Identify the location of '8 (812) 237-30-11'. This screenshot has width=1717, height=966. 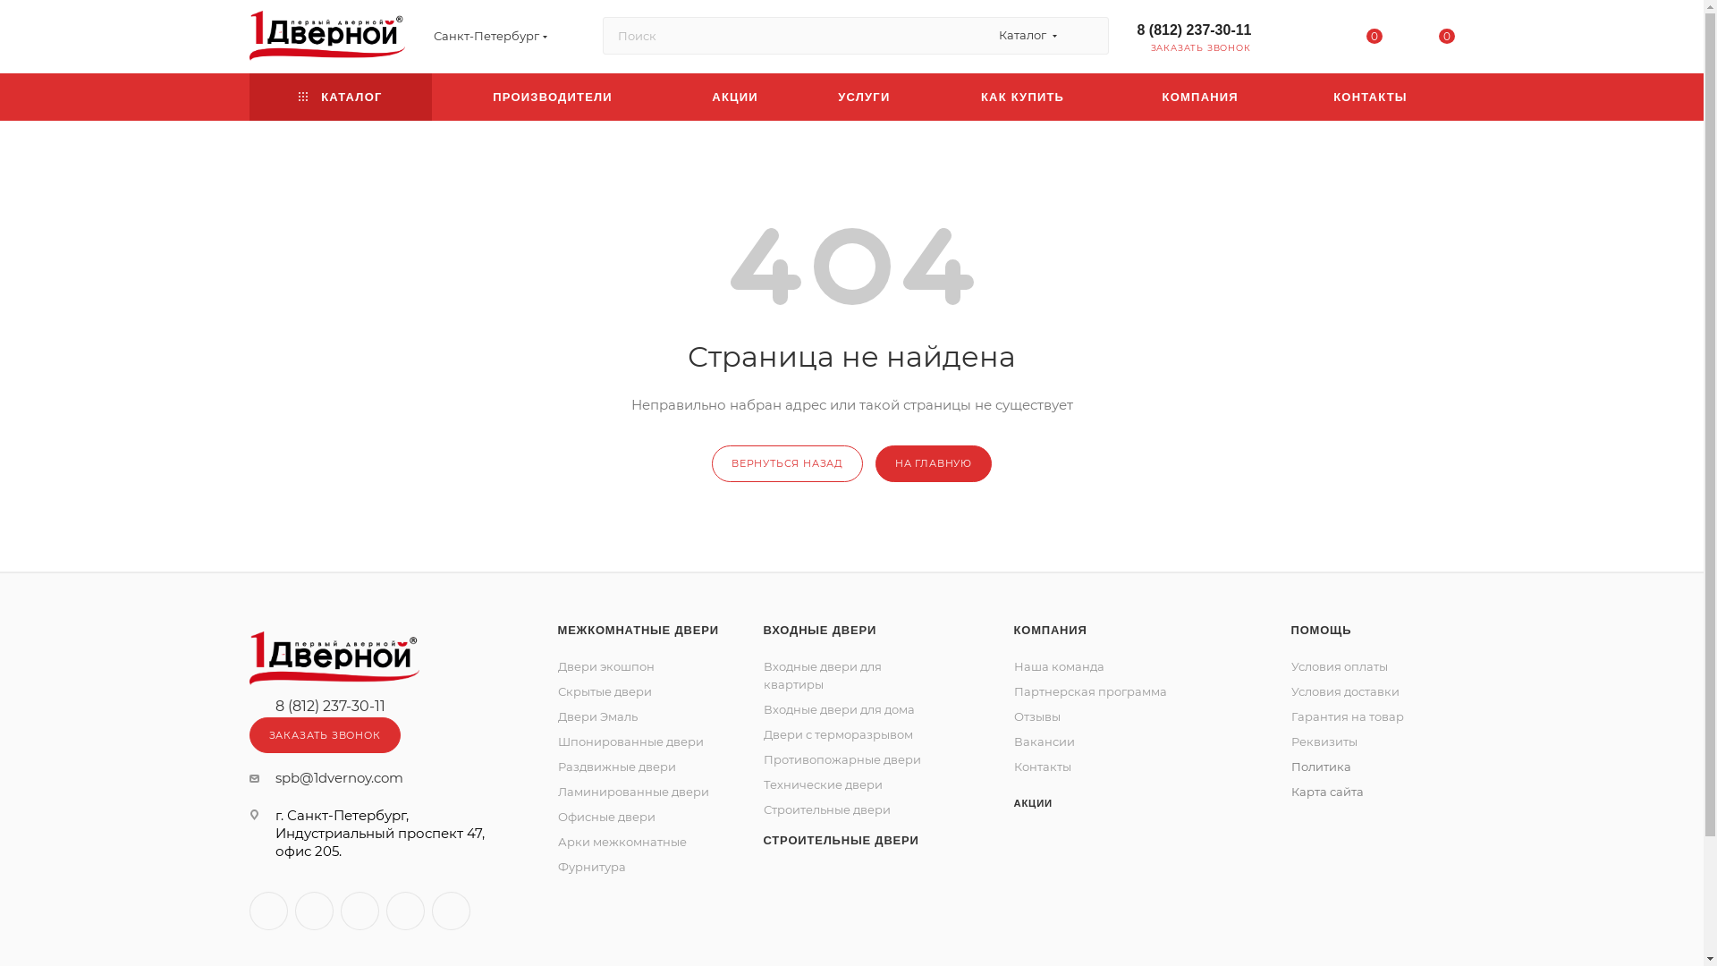
(330, 706).